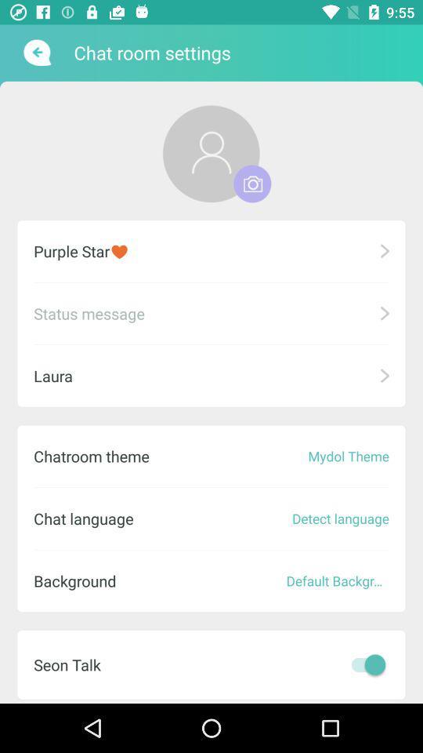 This screenshot has height=753, width=423. What do you see at coordinates (211, 154) in the screenshot?
I see `change profile pic` at bounding box center [211, 154].